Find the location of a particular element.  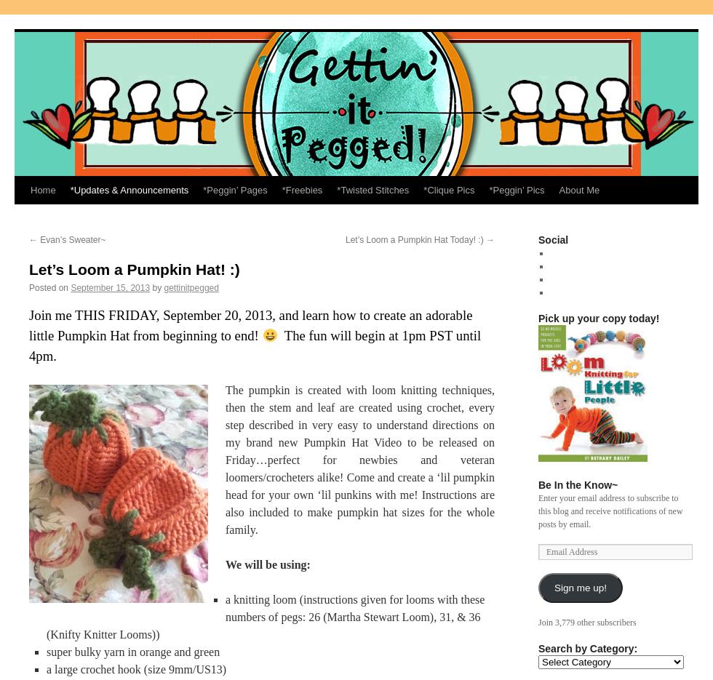

'Posted on' is located at coordinates (49, 287).